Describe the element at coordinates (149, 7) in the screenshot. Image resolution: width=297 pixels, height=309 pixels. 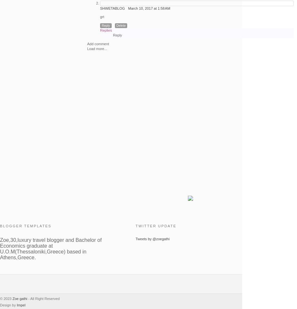
I see `'March 10, 2017 at 1:58 AM'` at that location.